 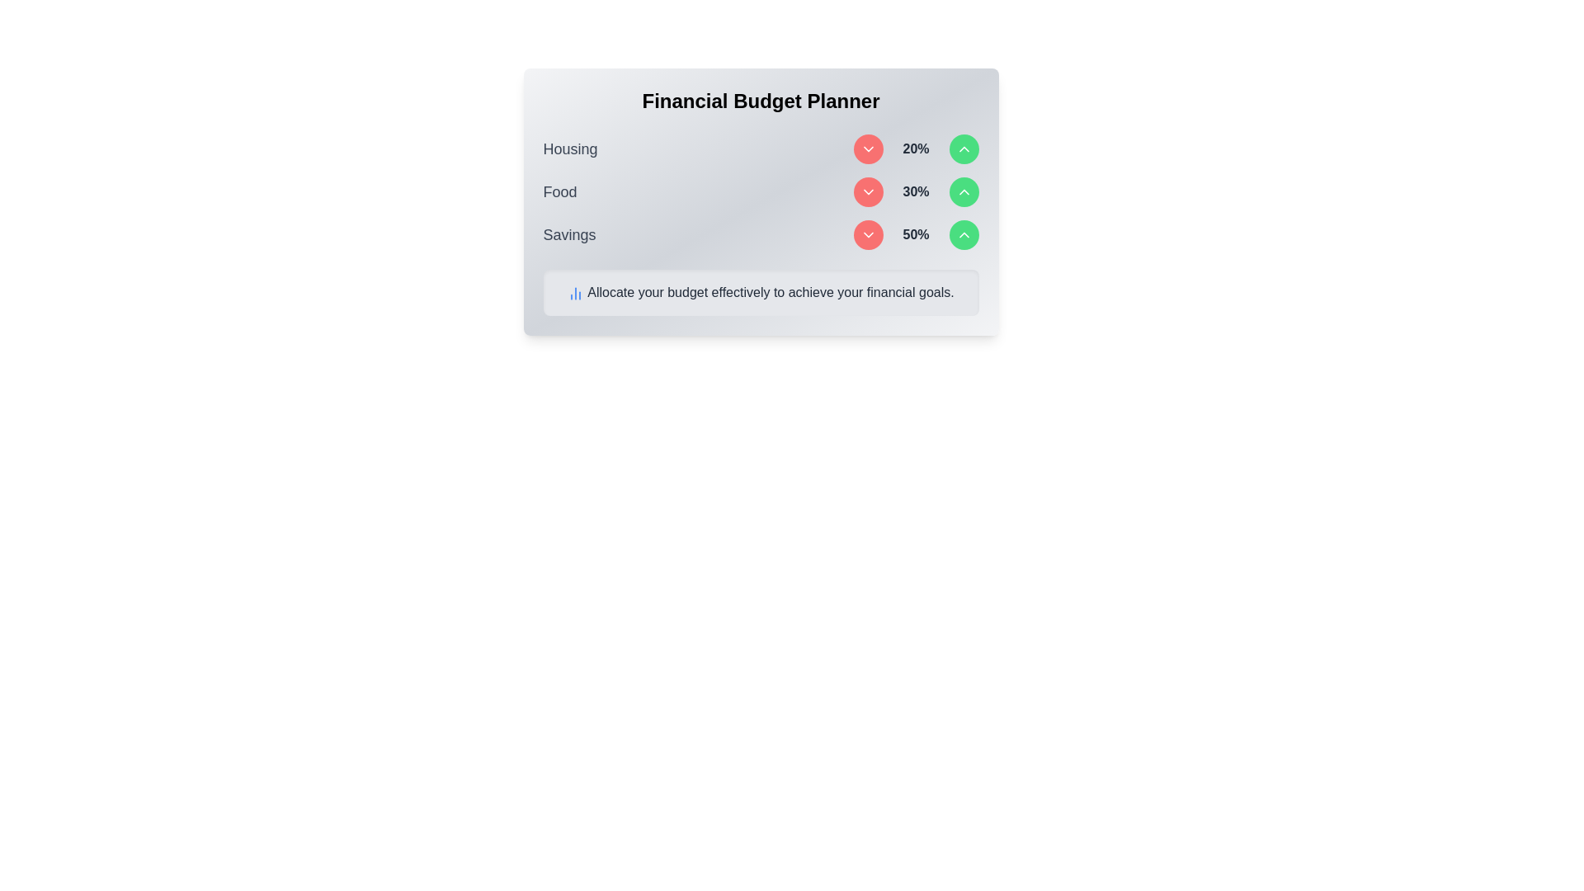 What do you see at coordinates (915, 191) in the screenshot?
I see `the non-interactive Text label displaying the allocation of 30% for the 'Food' category, which is positioned between a red downward arrow and a green upward arrow` at bounding box center [915, 191].